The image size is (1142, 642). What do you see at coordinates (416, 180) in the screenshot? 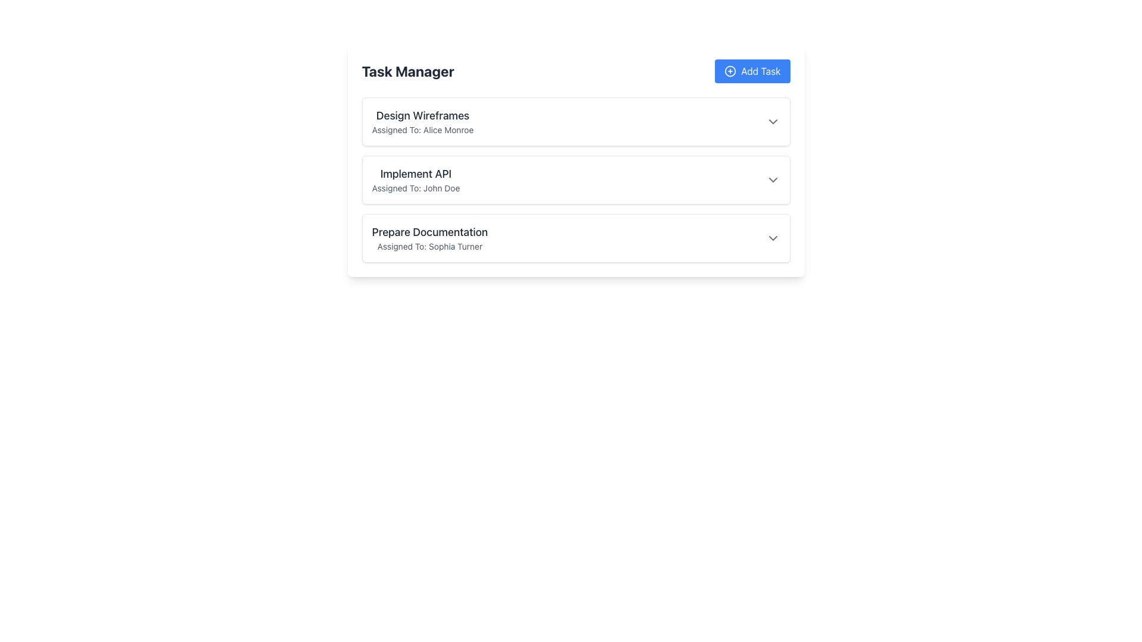
I see `the structured list item with the title 'Implement API' and the assignee 'Assigned To: John Doe'` at bounding box center [416, 180].